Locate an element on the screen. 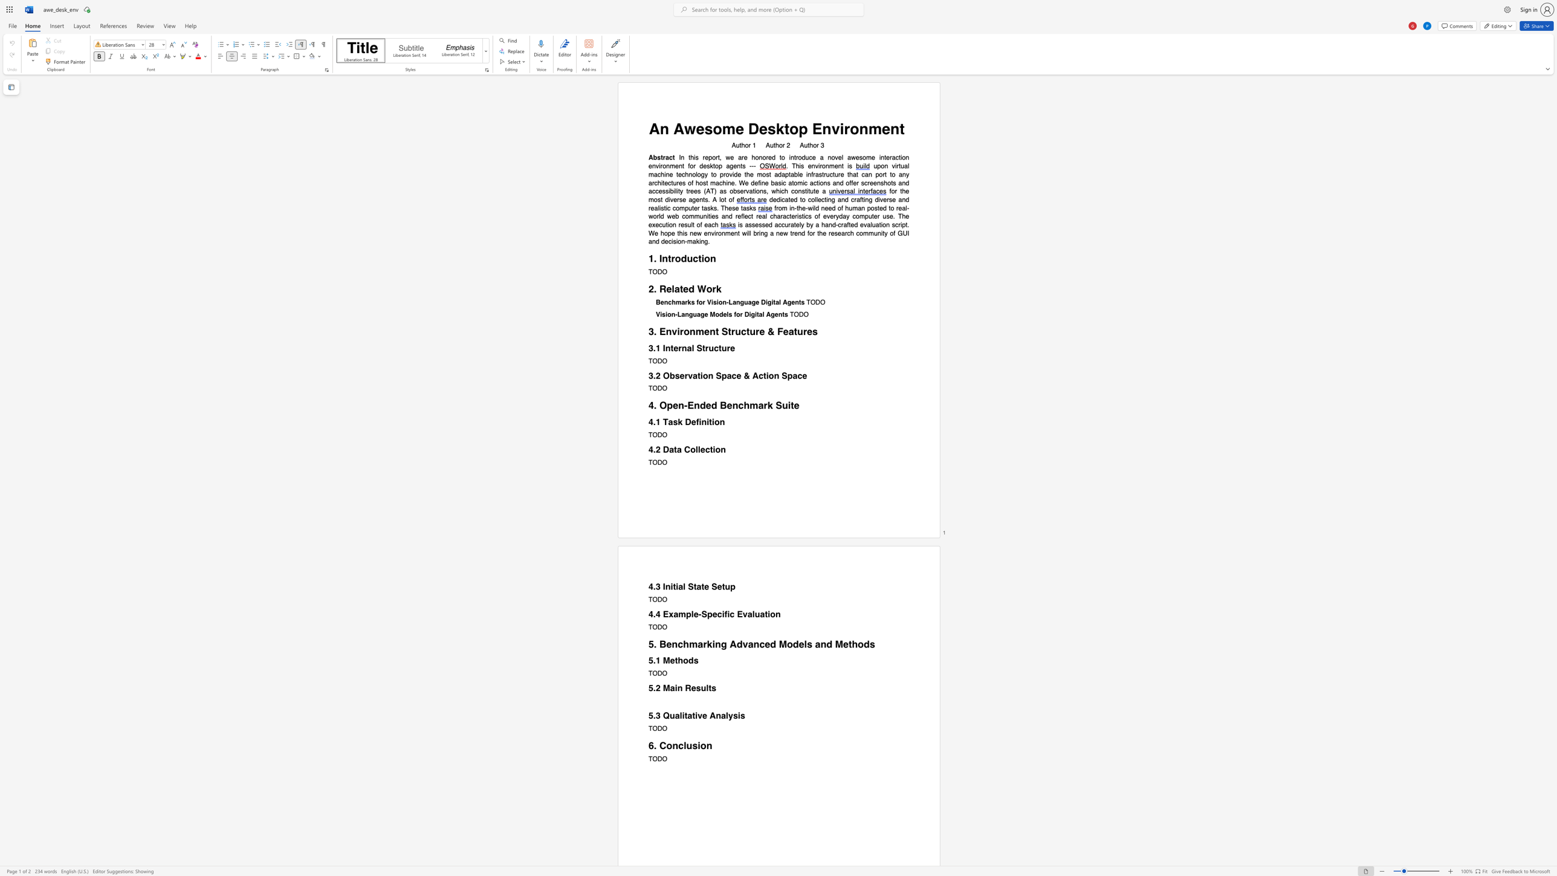  the subset text "esome Desktop Envir" within the text "An Awesome Desktop Environment" is located at coordinates (695, 129).